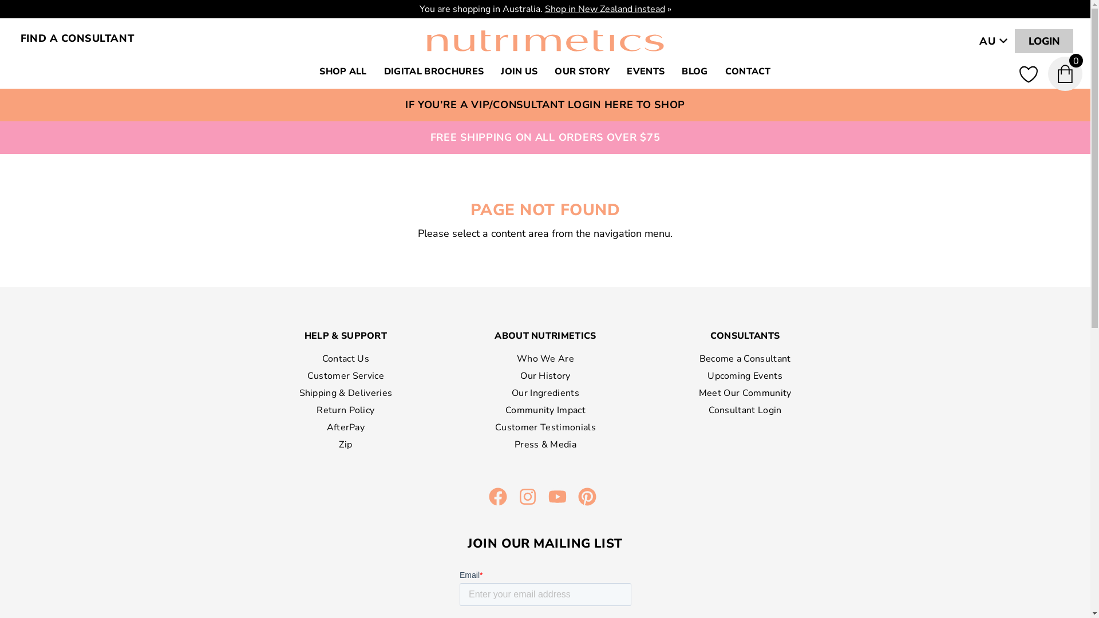 This screenshot has width=1099, height=618. Describe the element at coordinates (544, 375) in the screenshot. I see `'Our History'` at that location.